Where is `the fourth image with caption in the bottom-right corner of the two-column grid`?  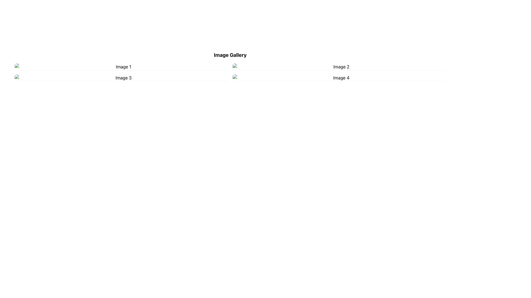 the fourth image with caption in the bottom-right corner of the two-column grid is located at coordinates (339, 78).